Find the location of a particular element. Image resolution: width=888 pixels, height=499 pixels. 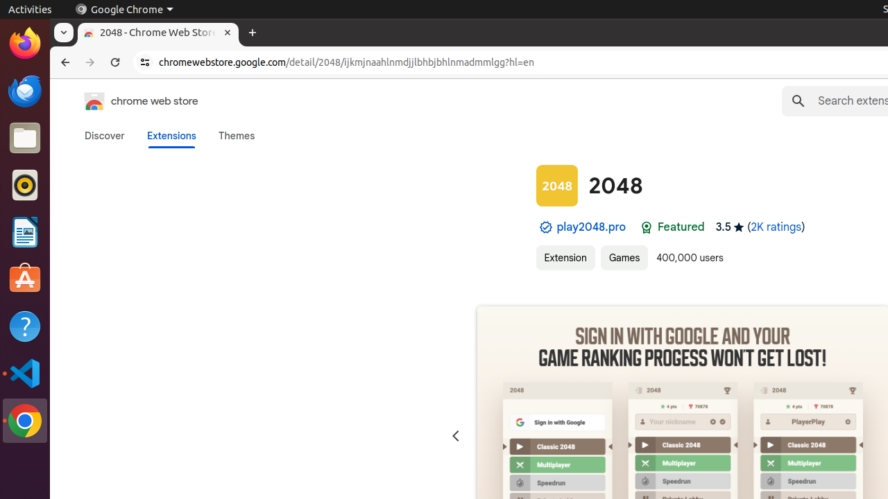

'Back' is located at coordinates (62, 62).